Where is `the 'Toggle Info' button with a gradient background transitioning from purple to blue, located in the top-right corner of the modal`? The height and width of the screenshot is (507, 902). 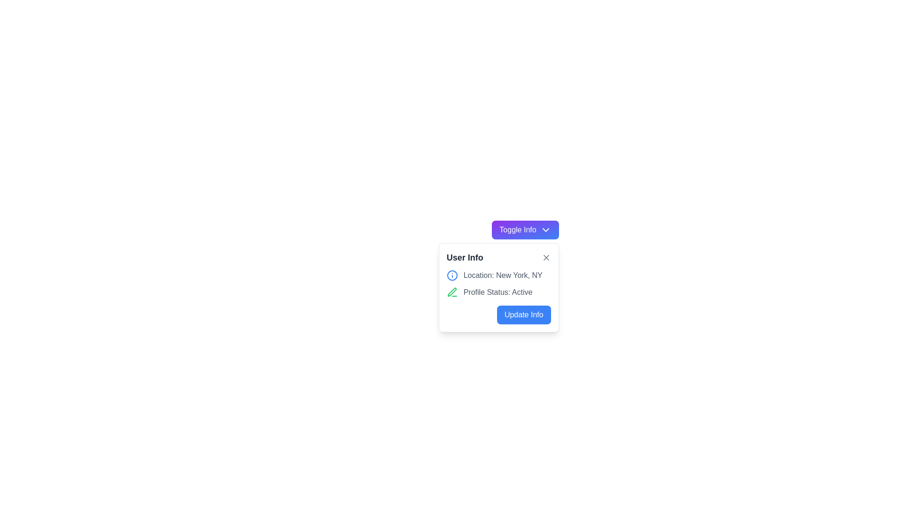 the 'Toggle Info' button with a gradient background transitioning from purple to blue, located in the top-right corner of the modal is located at coordinates (525, 230).